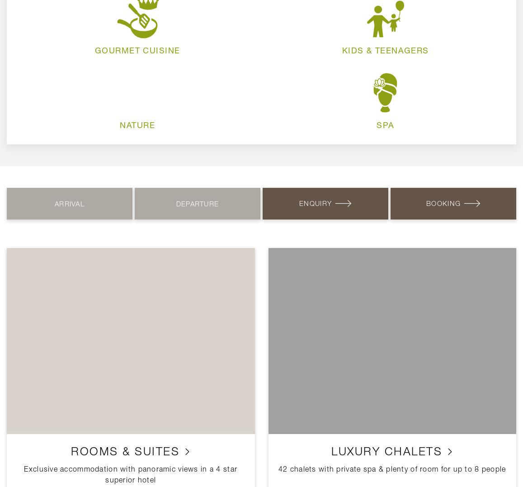 The width and height of the screenshot is (523, 487). What do you see at coordinates (137, 124) in the screenshot?
I see `'Nature'` at bounding box center [137, 124].